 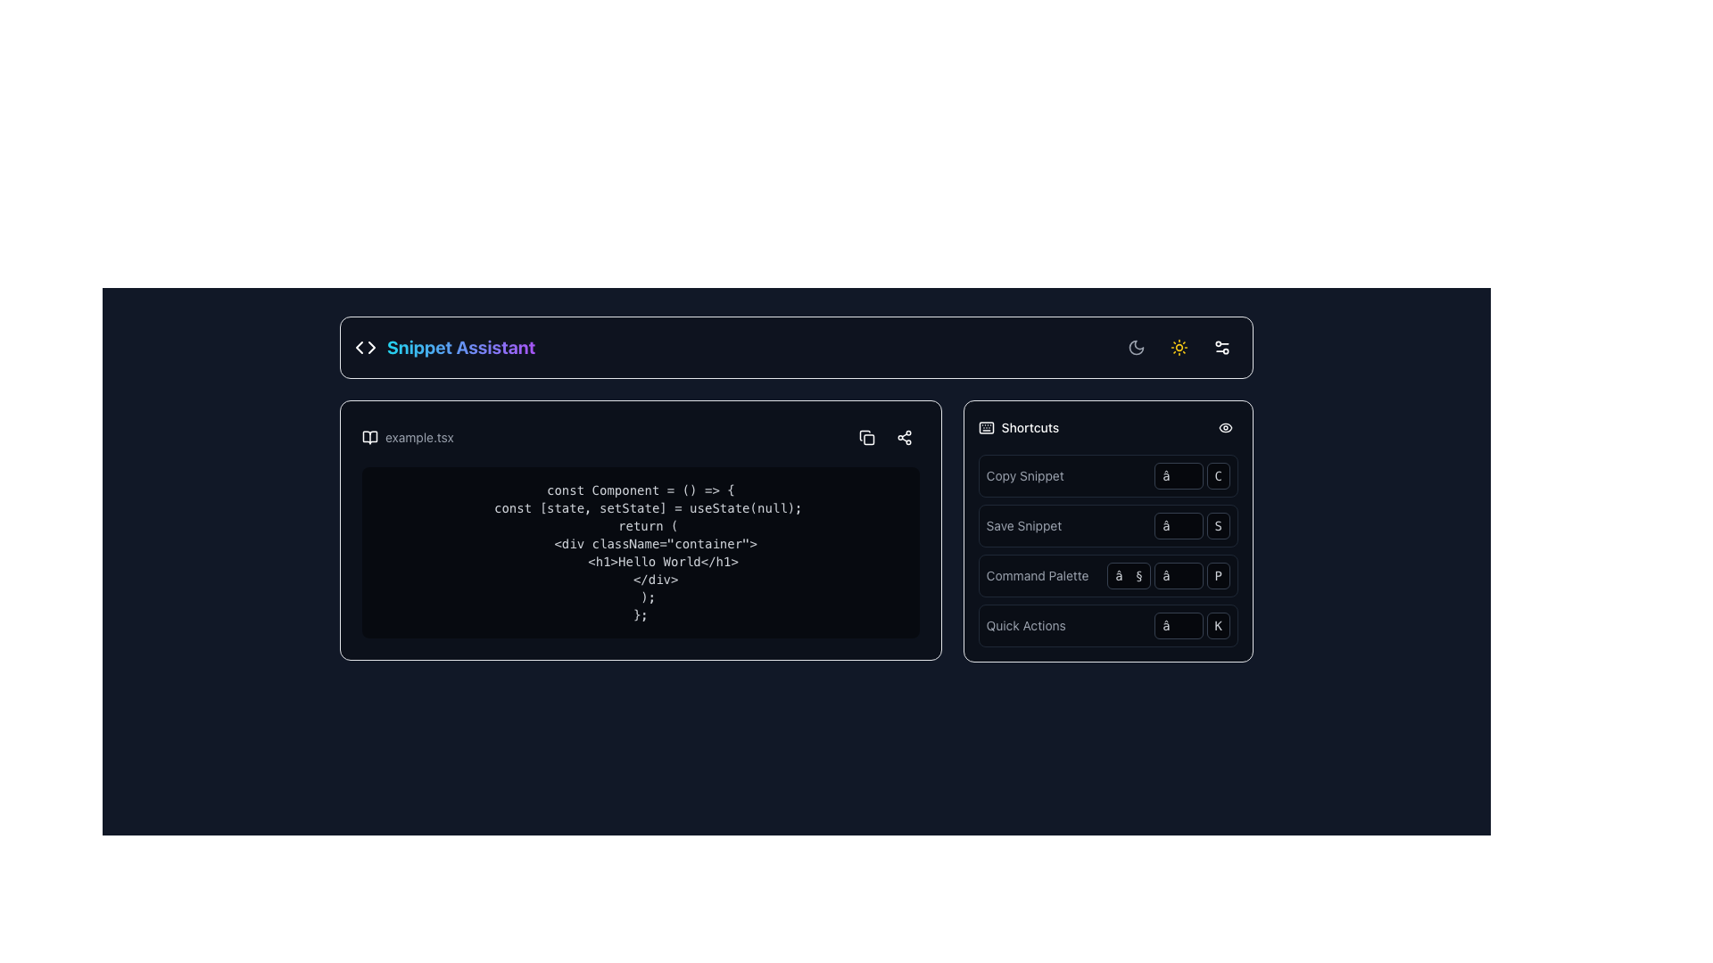 I want to click on the second button in the horizontal sequence of shortcut buttons, so click(x=1217, y=474).